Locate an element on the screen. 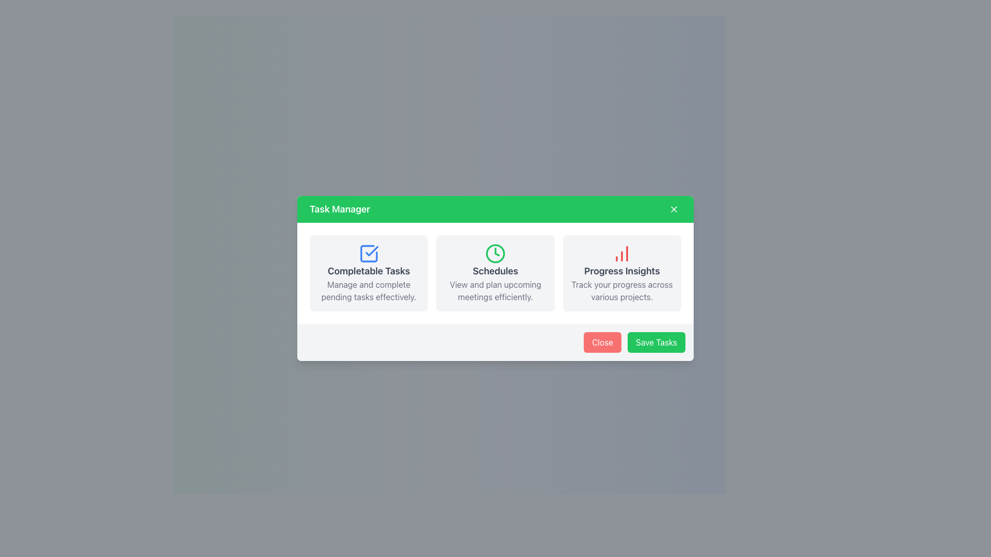 Image resolution: width=991 pixels, height=557 pixels. the 'X' icon in the top right corner of the green header section of the 'Task Manager' dialog is located at coordinates (674, 209).